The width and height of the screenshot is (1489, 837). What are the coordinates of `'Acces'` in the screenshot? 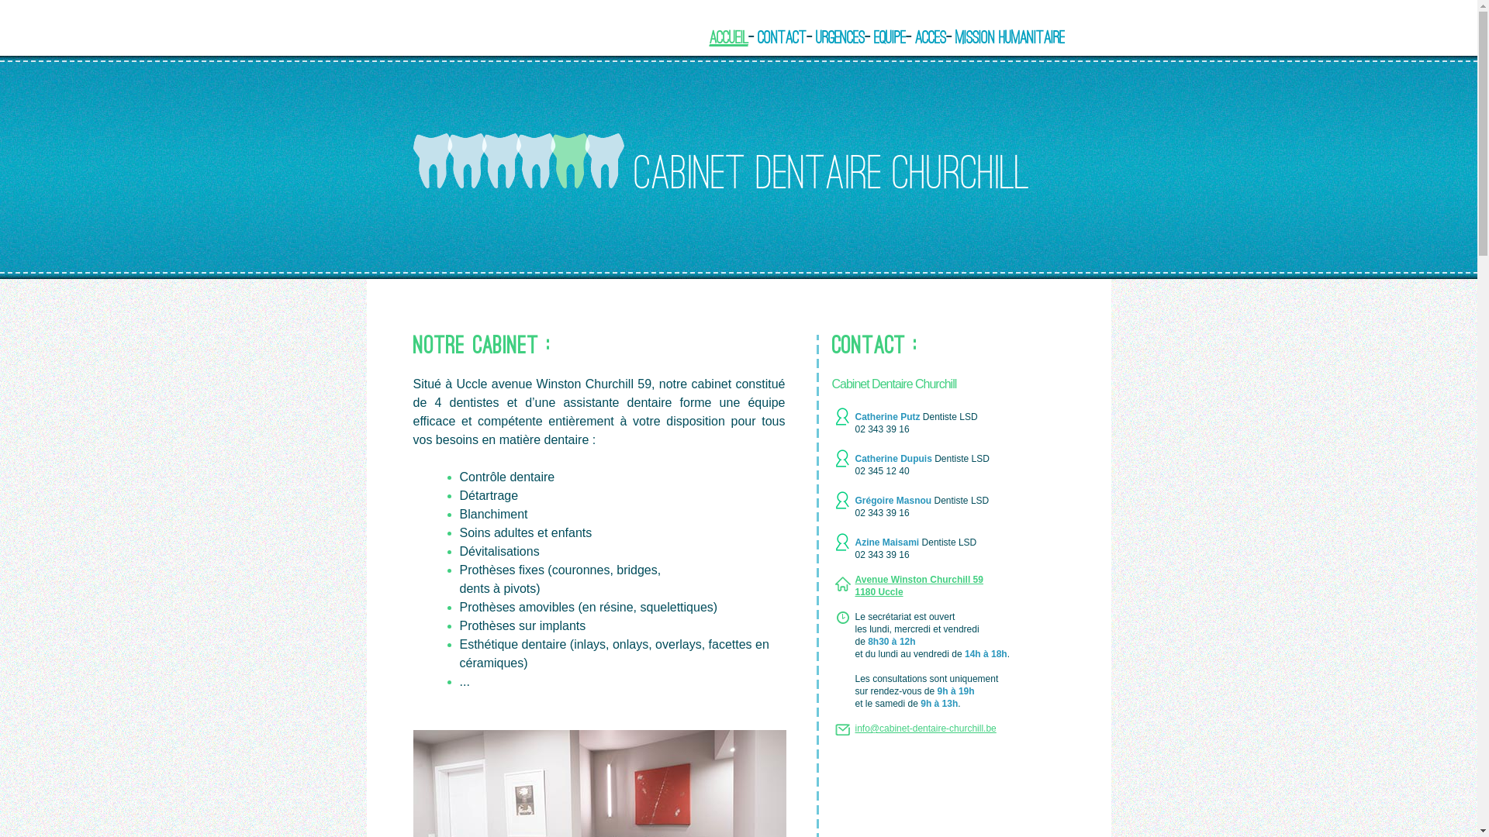 It's located at (915, 36).